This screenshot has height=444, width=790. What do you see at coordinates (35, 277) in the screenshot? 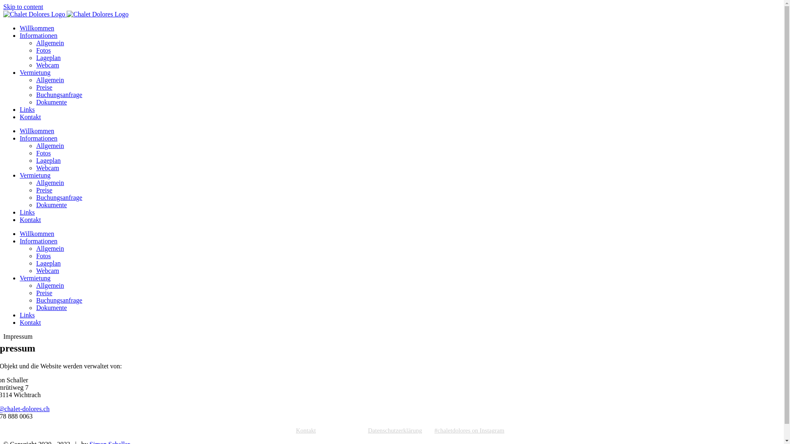
I see `'Vermietung'` at bounding box center [35, 277].